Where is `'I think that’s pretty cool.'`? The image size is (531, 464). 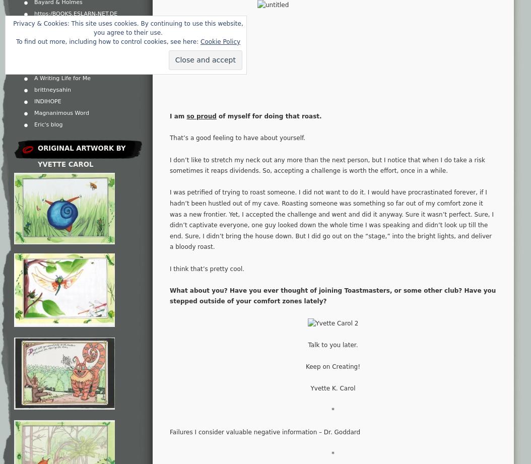 'I think that’s pretty cool.' is located at coordinates (169, 268).